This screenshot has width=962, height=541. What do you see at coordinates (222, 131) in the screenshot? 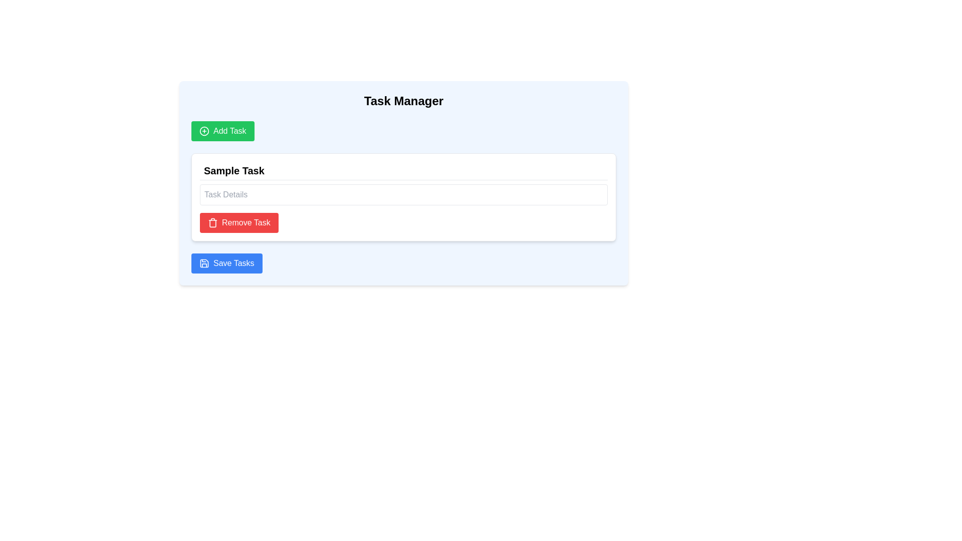
I see `the green 'Add Task' button located beneath the 'Task Manager' title` at bounding box center [222, 131].